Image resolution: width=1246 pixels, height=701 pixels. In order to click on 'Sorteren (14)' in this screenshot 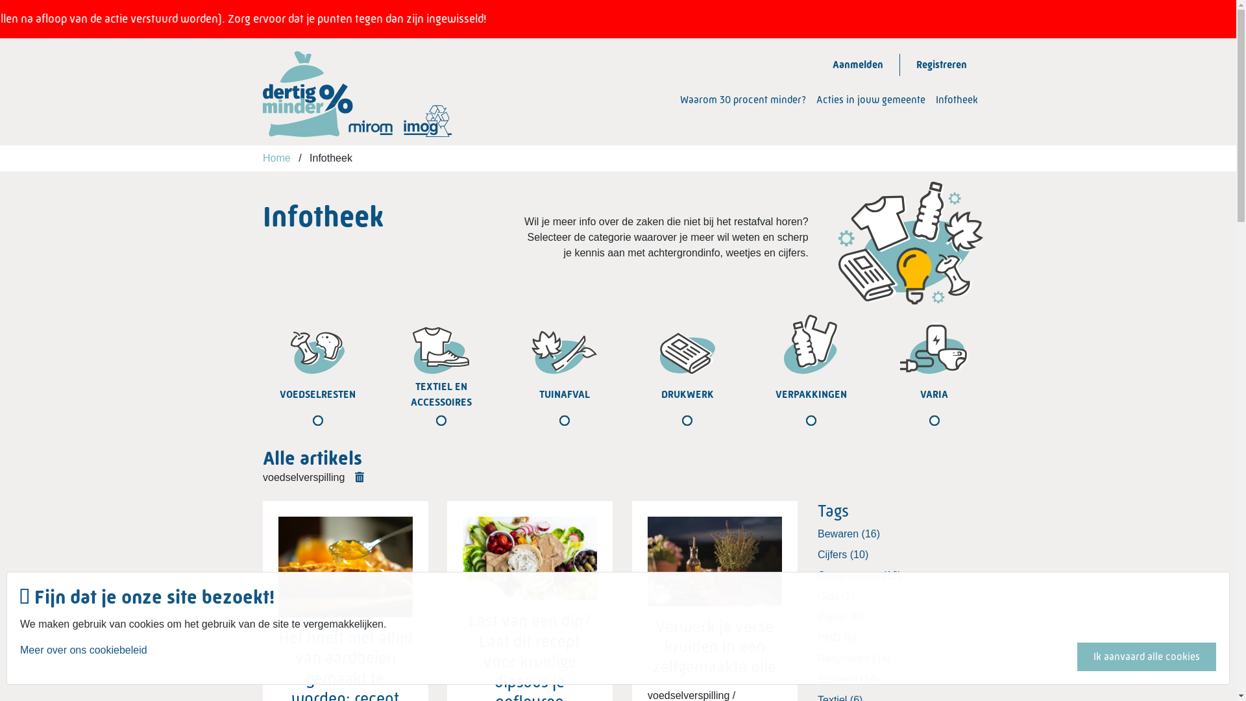, I will do `click(899, 678)`.